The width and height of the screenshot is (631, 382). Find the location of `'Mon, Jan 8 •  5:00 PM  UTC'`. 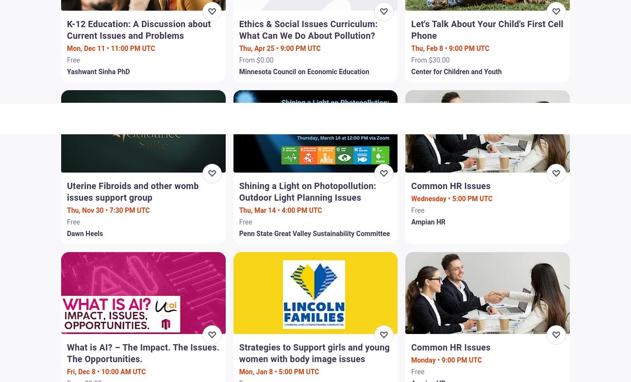

'Mon, Jan 8 •  5:00 PM  UTC' is located at coordinates (278, 371).